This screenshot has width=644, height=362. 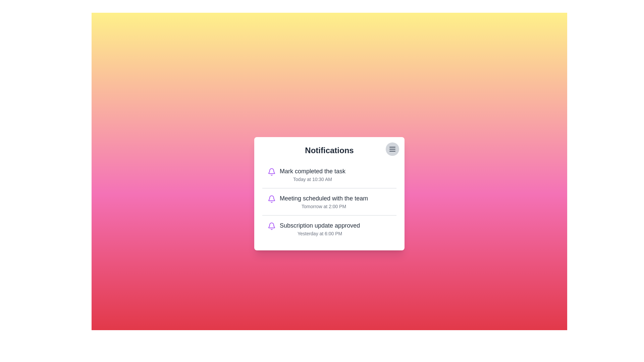 I want to click on the menu button to toggle the visibility of the notification menu, so click(x=392, y=148).